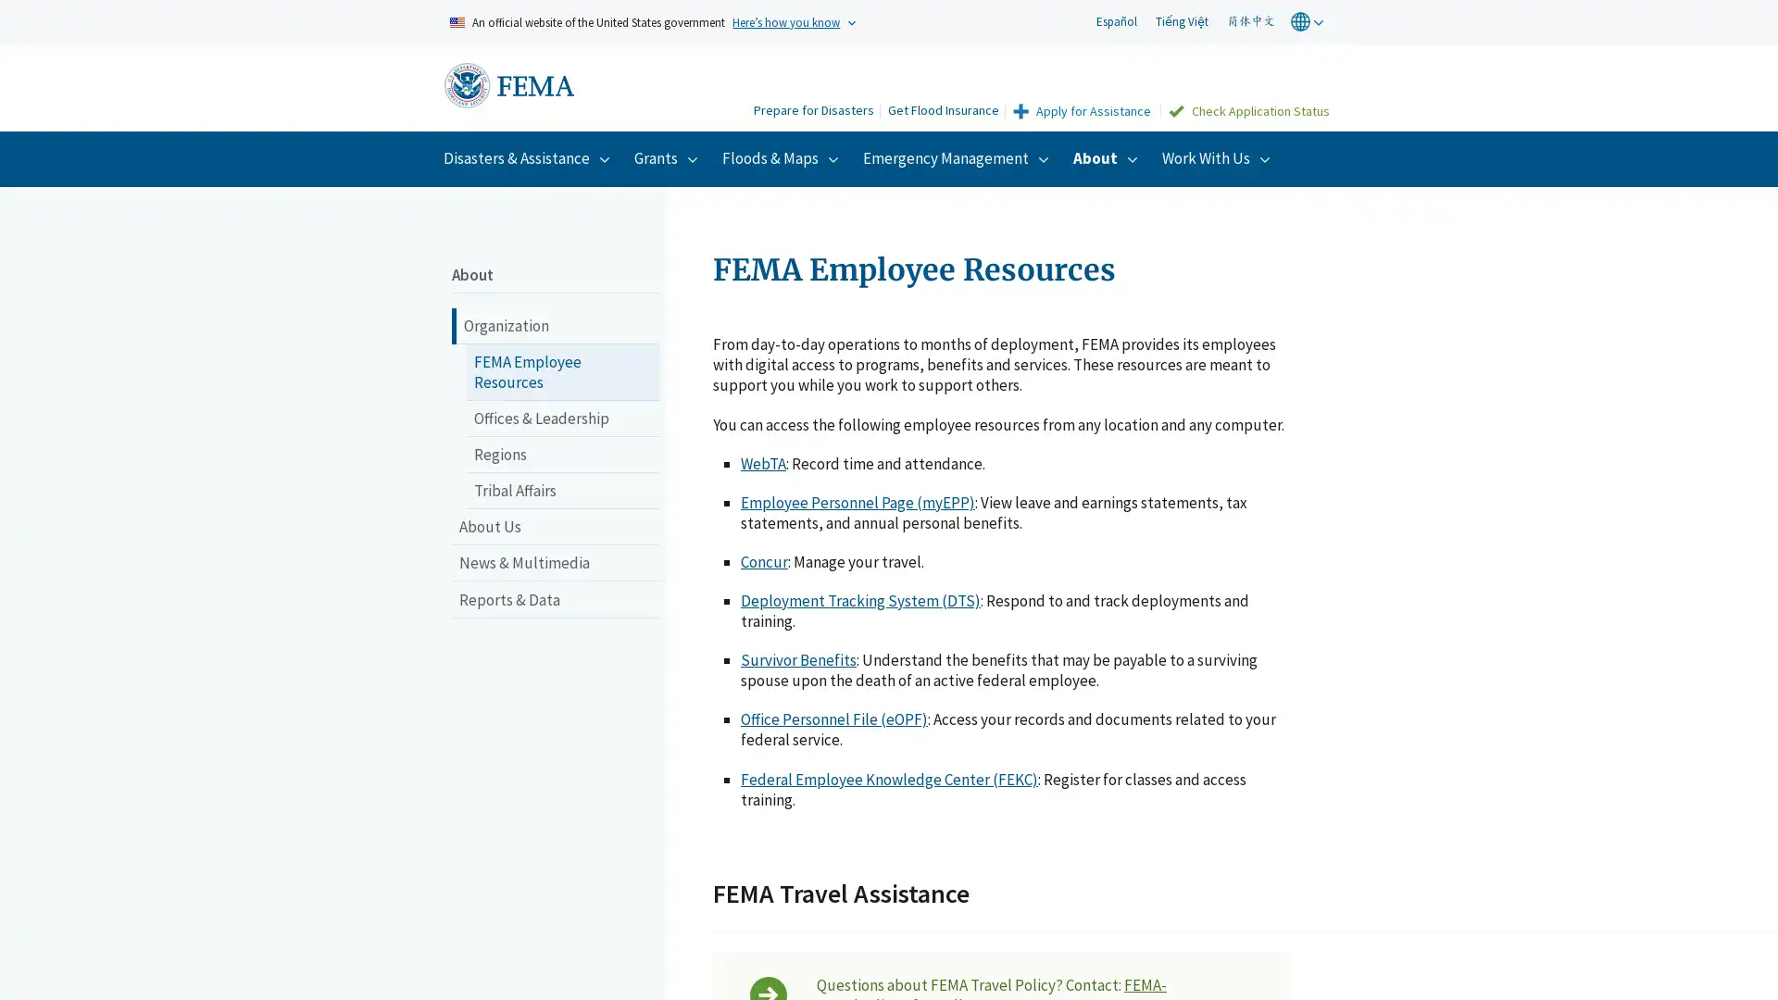 This screenshot has width=1778, height=1000. I want to click on Search, so click(720, 89).